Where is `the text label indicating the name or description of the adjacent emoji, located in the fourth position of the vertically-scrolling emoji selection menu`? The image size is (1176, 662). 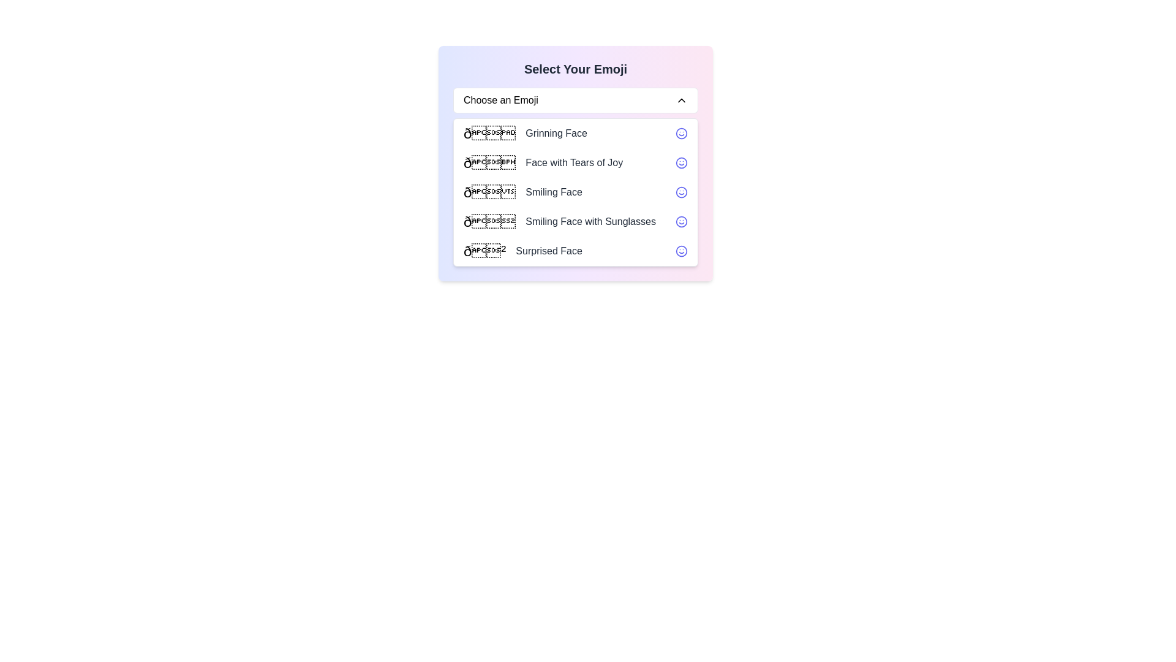
the text label indicating the name or description of the adjacent emoji, located in the fourth position of the vertically-scrolling emoji selection menu is located at coordinates (590, 222).